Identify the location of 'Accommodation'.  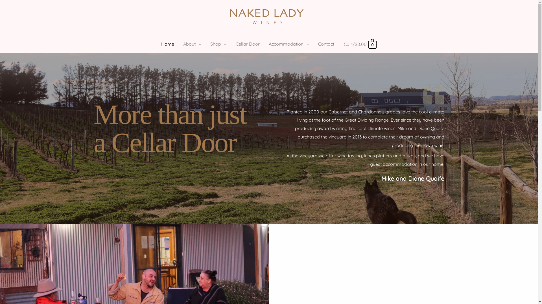
(289, 43).